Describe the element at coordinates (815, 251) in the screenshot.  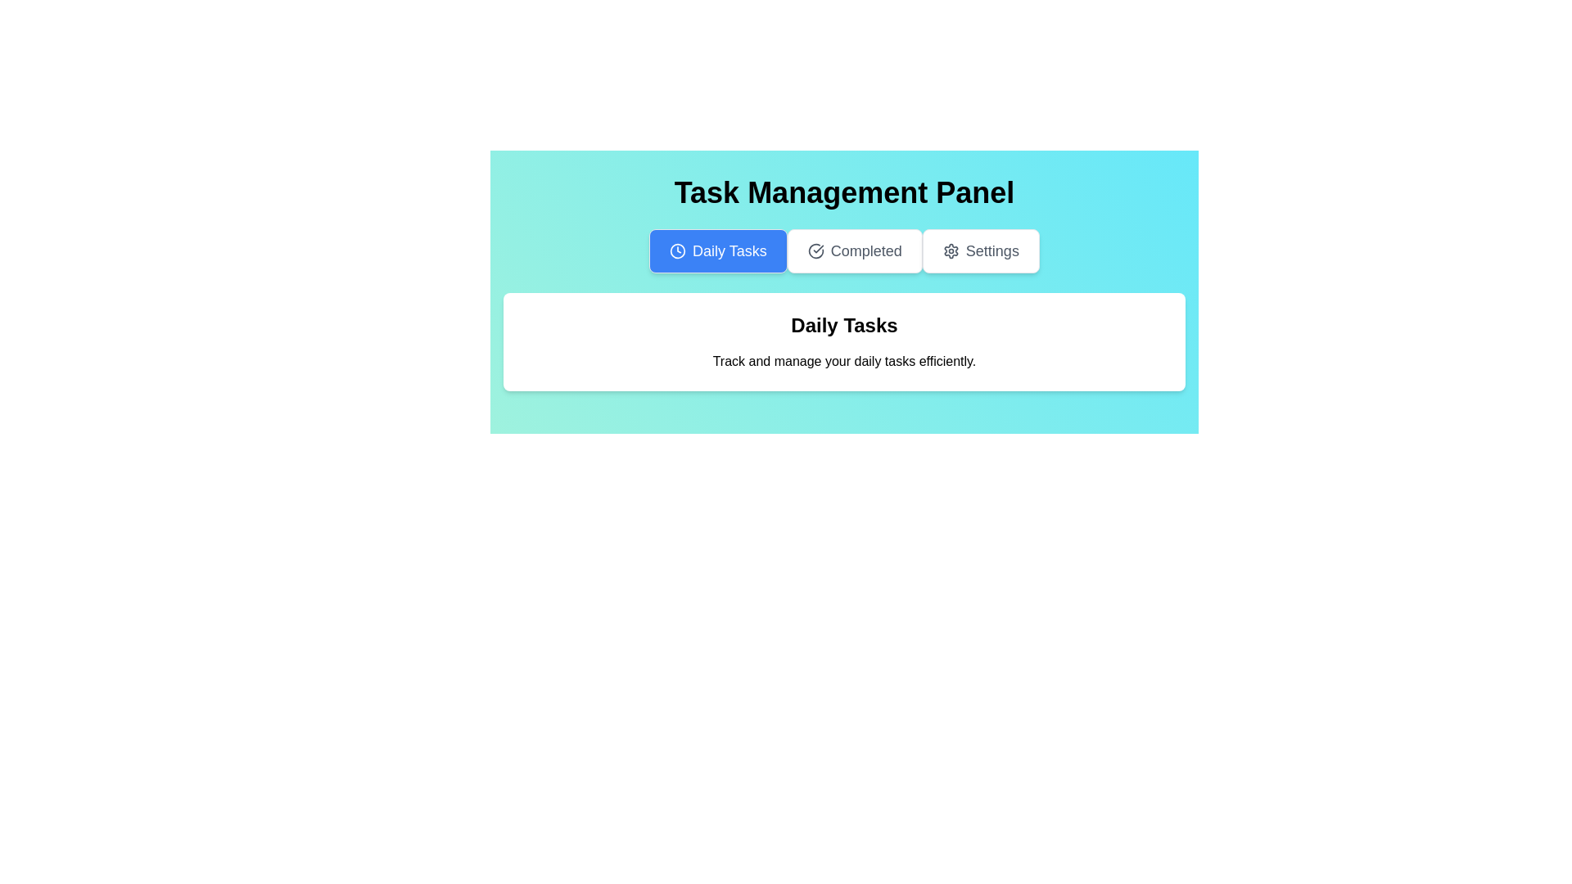
I see `the checkmark icon enclosed within a circle, which is part of the 'Completed' button in the top navigation bar` at that location.